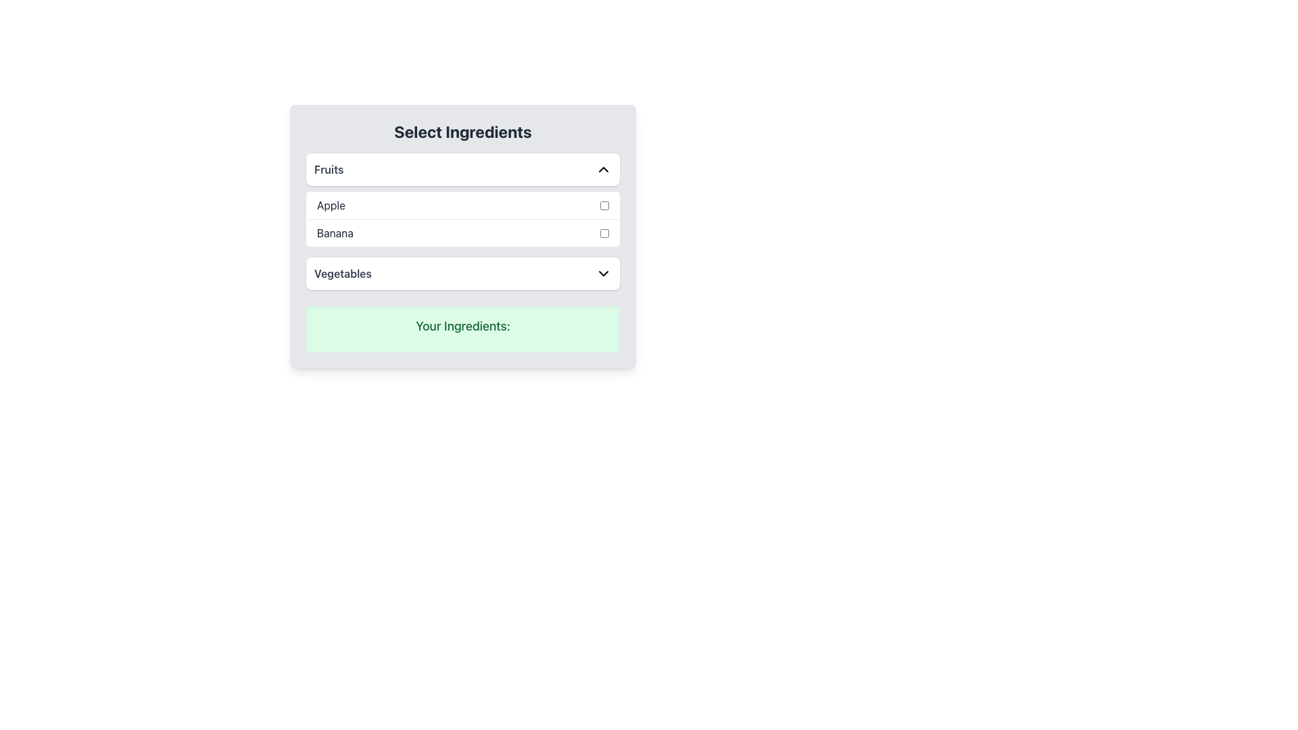 This screenshot has height=730, width=1298. Describe the element at coordinates (463, 232) in the screenshot. I see `the checkbox for 'Banana'` at that location.